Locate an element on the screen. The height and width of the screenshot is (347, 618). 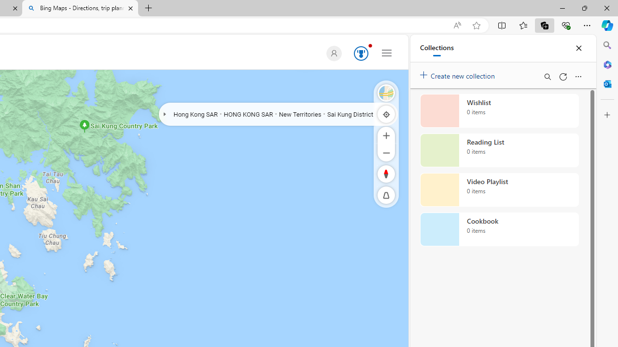
'Microsoft 365' is located at coordinates (607, 64).